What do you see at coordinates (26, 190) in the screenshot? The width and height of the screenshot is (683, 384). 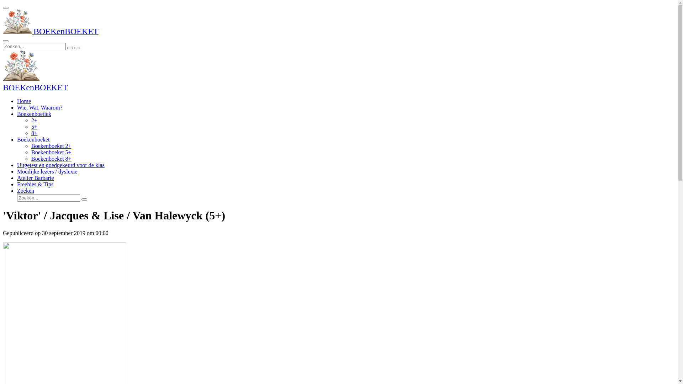 I see `'Zoeken'` at bounding box center [26, 190].